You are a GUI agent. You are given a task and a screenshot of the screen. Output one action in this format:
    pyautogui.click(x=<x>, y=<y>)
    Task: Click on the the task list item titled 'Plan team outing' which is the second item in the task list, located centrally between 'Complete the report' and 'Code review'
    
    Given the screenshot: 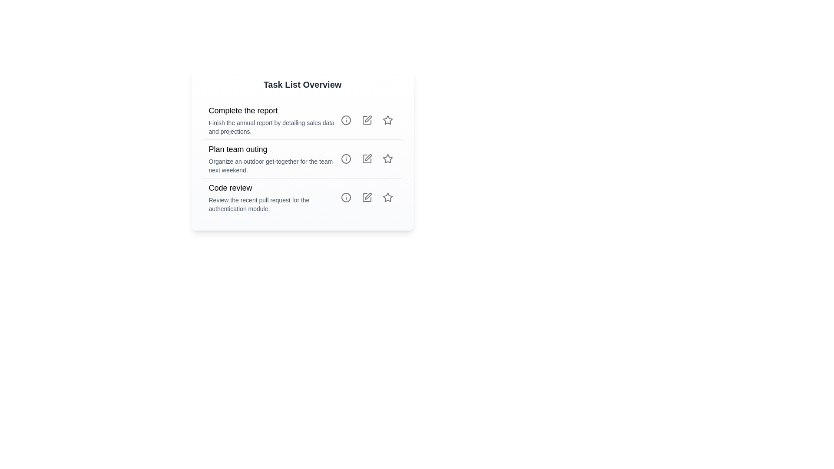 What is the action you would take?
    pyautogui.click(x=302, y=149)
    